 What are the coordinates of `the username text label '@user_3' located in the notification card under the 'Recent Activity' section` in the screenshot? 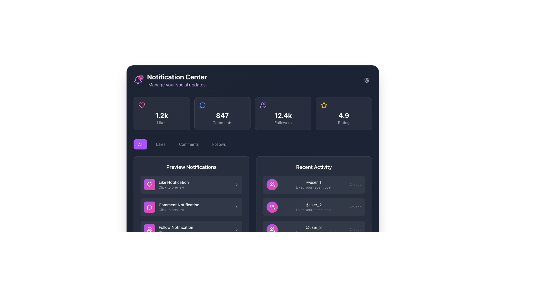 It's located at (313, 227).